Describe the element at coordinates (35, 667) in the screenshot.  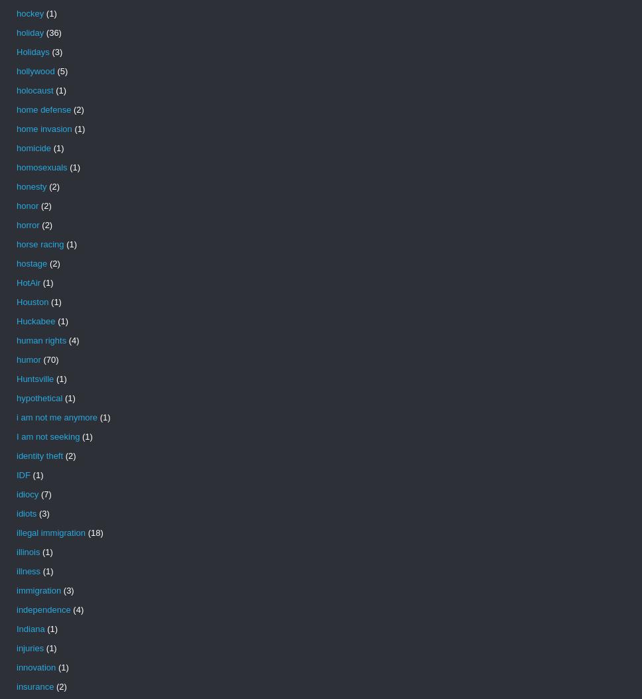
I see `'innovation'` at that location.